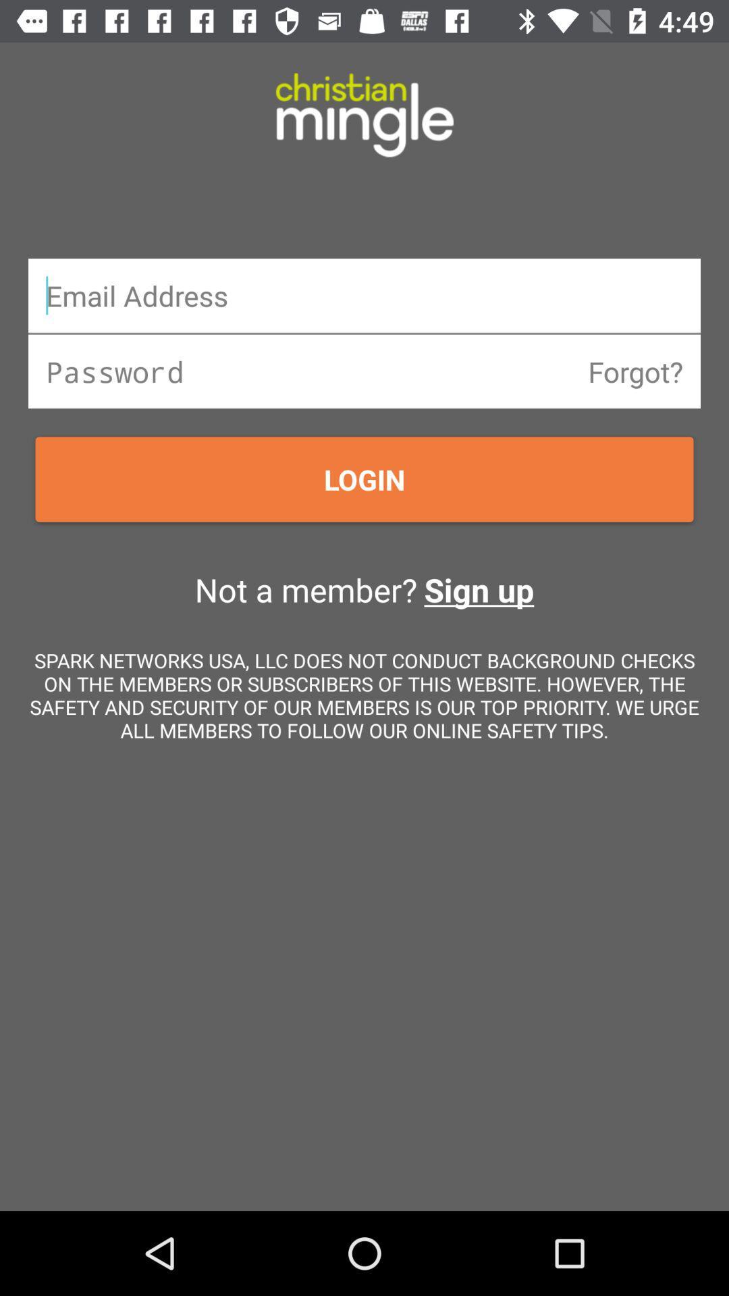 This screenshot has width=729, height=1296. Describe the element at coordinates (364, 294) in the screenshot. I see `email address` at that location.